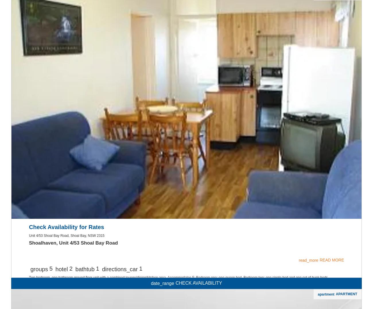  What do you see at coordinates (162, 58) in the screenshot?
I see `'date_range'` at bounding box center [162, 58].